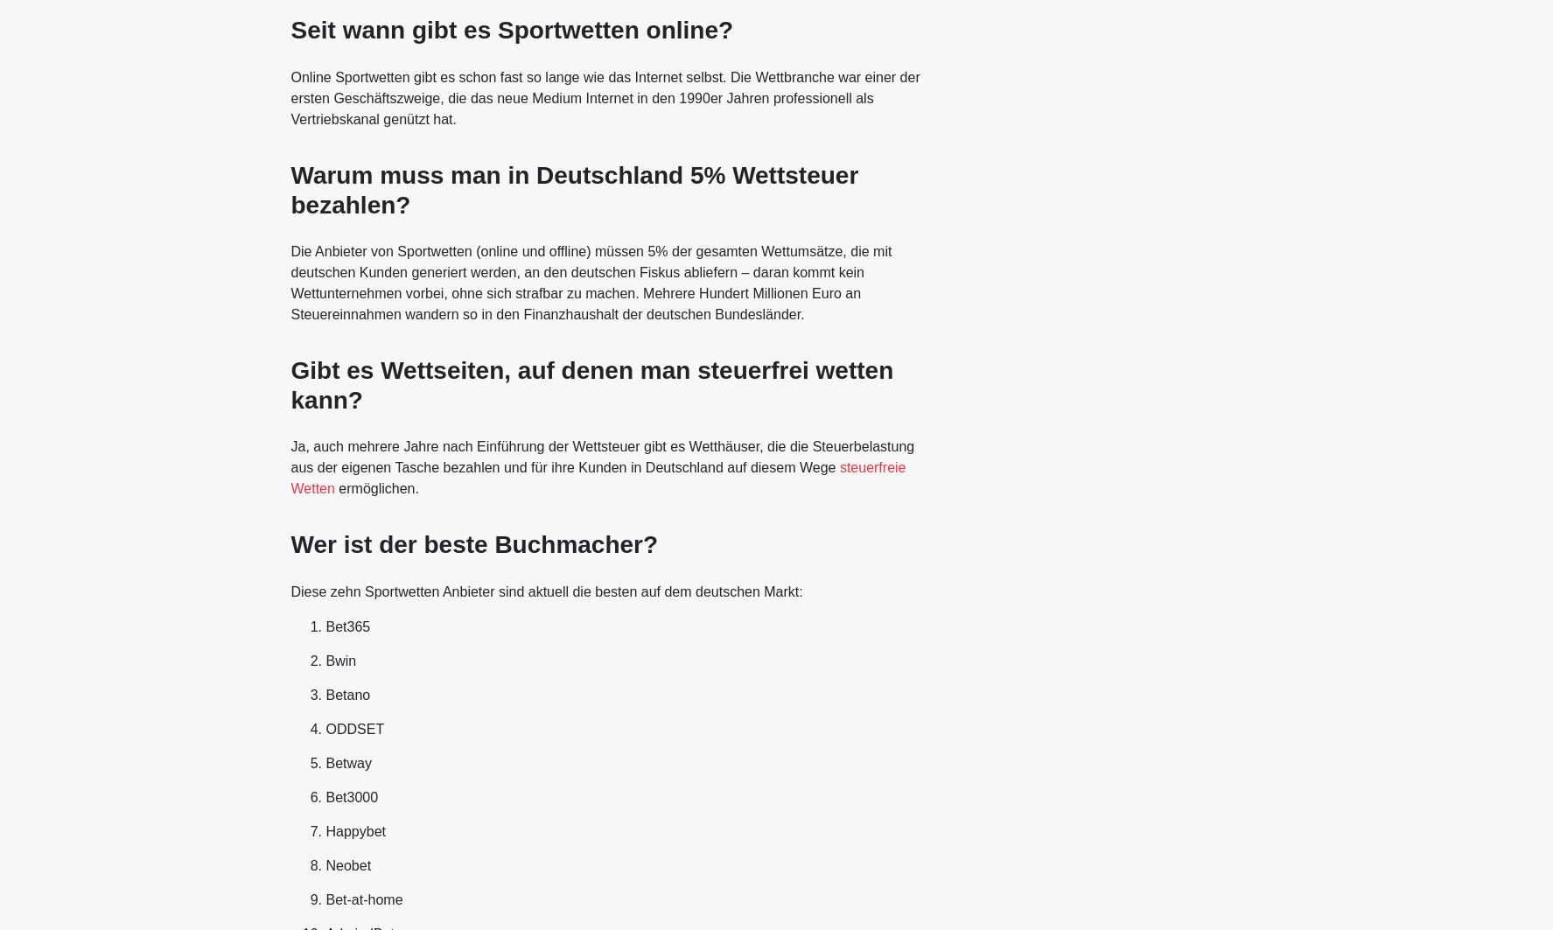  I want to click on 'Bet-at-home', so click(364, 898).